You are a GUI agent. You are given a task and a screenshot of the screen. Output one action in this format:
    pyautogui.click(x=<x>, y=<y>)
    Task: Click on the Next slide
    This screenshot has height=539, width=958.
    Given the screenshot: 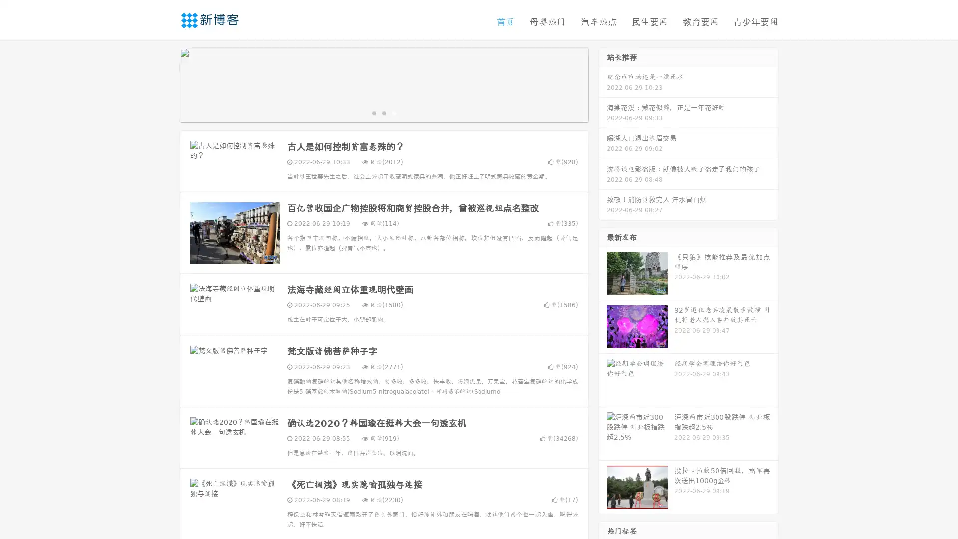 What is the action you would take?
    pyautogui.click(x=603, y=84)
    